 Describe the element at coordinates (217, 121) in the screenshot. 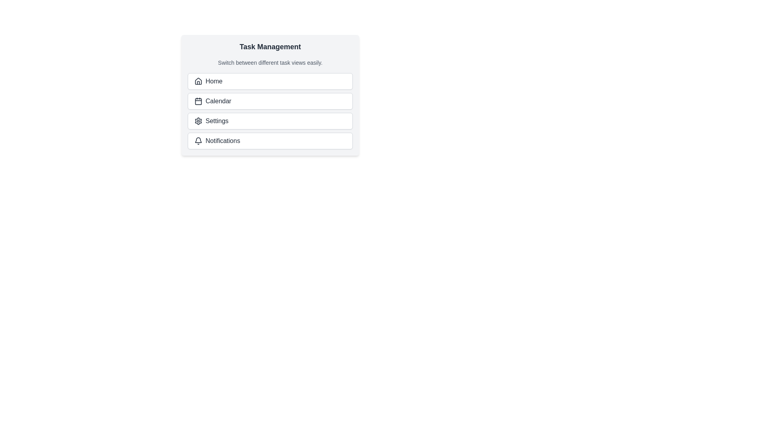

I see `the 'Settings' text label, which is located in the third group of a vertically stacked list of menu items, directly below 'Calendar' and above 'Notifications'` at that location.